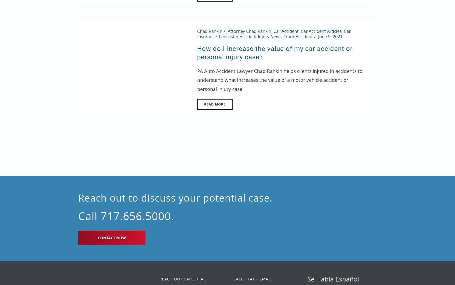 Image resolution: width=455 pixels, height=285 pixels. What do you see at coordinates (307, 278) in the screenshot?
I see `'Se Habla Español'` at bounding box center [307, 278].